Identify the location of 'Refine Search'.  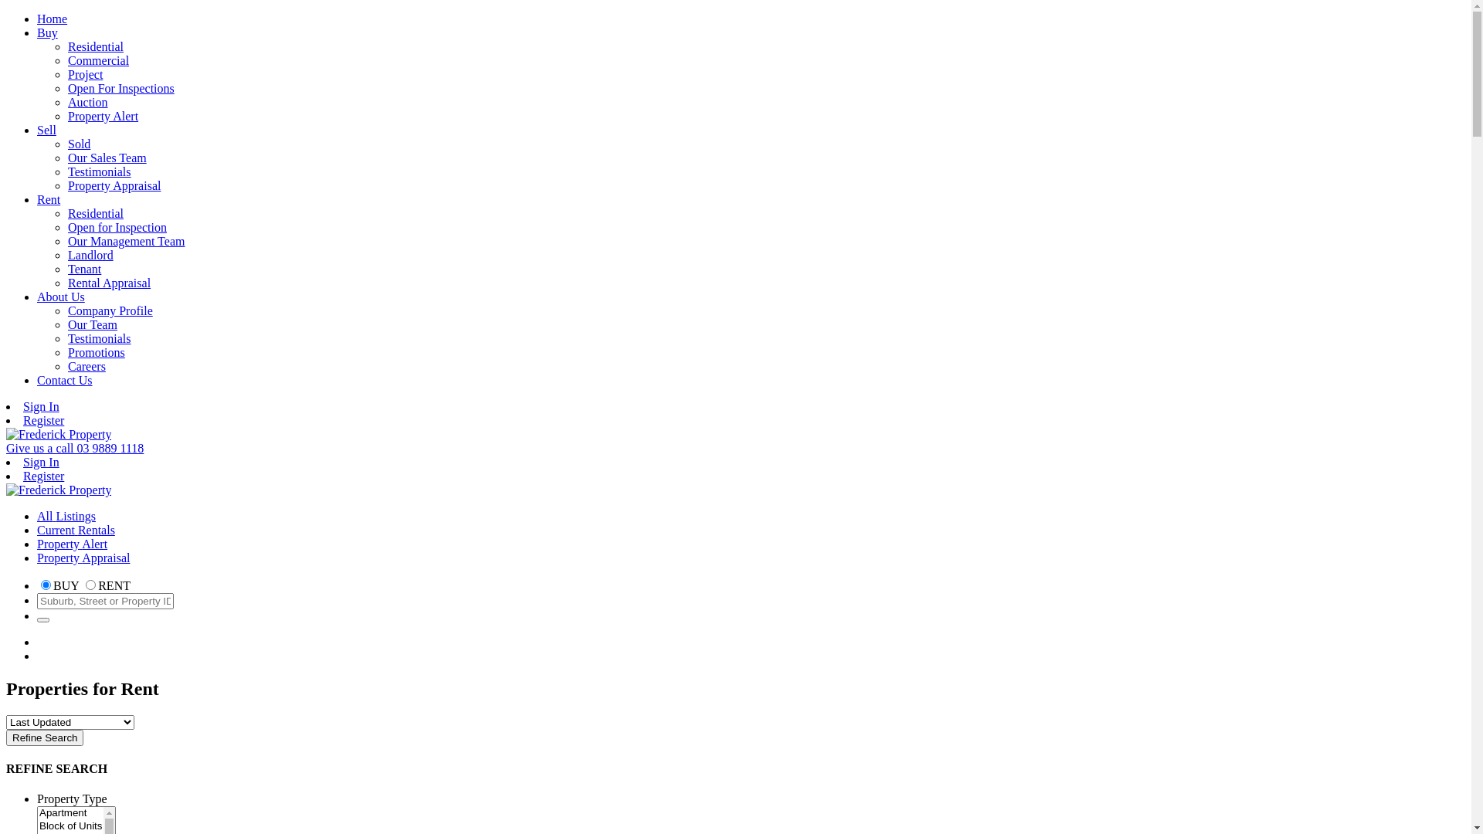
(44, 737).